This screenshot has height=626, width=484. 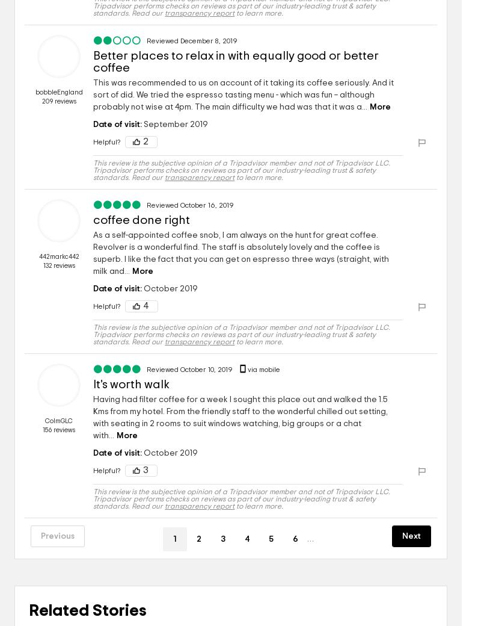 I want to click on '209 reviews', so click(x=40, y=101).